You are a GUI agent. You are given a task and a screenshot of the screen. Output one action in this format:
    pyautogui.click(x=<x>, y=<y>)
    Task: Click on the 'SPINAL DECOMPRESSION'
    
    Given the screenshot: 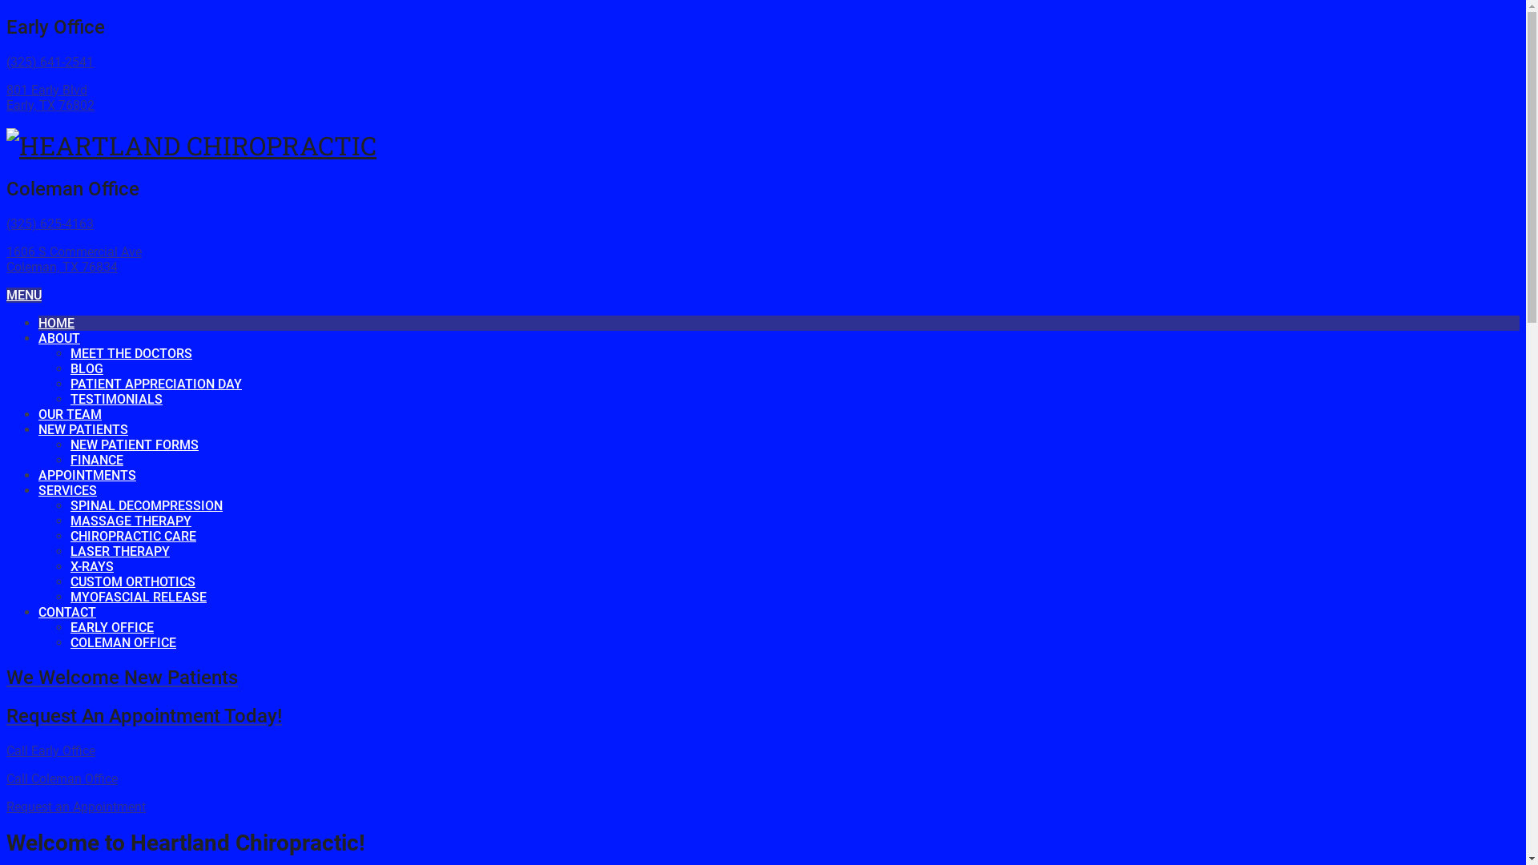 What is the action you would take?
    pyautogui.click(x=146, y=505)
    